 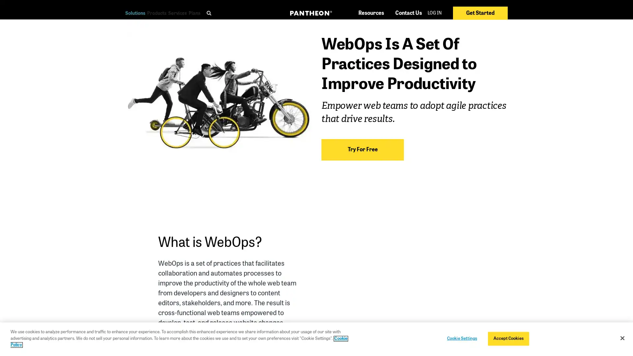 What do you see at coordinates (508, 338) in the screenshot?
I see `Accept Cookies` at bounding box center [508, 338].